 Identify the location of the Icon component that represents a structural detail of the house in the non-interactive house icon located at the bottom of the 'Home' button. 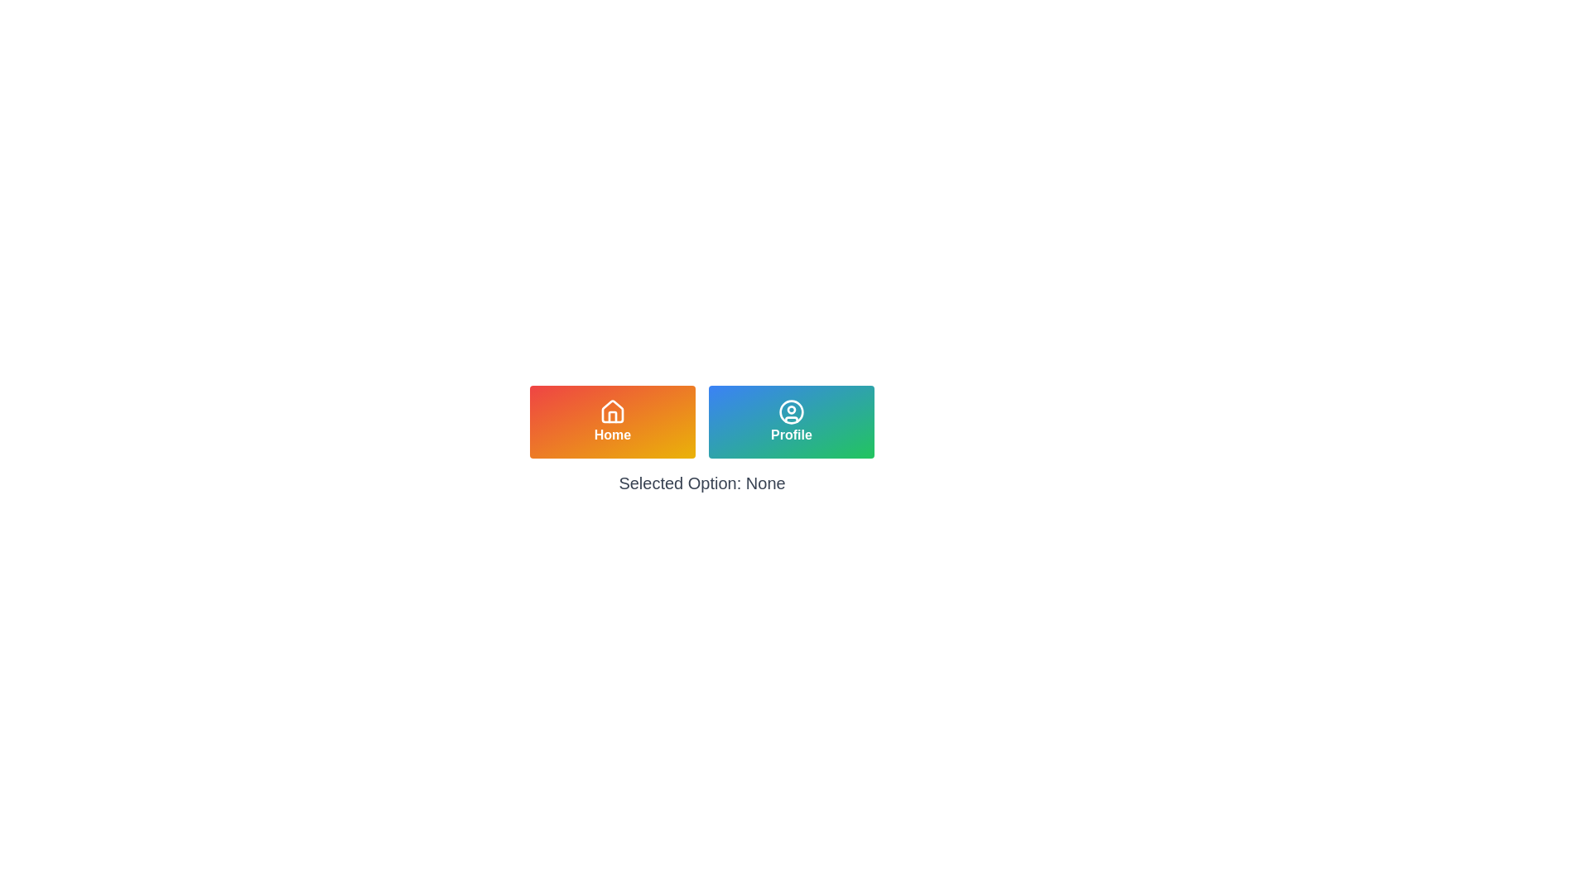
(611, 416).